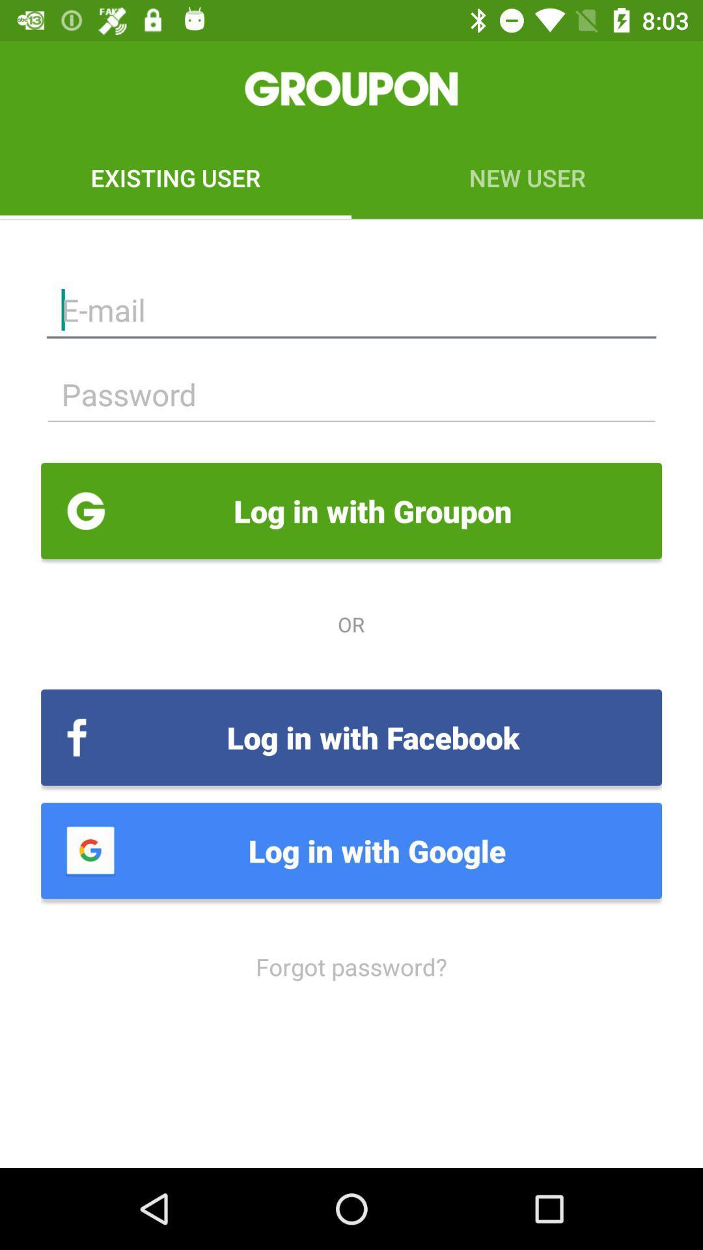 The width and height of the screenshot is (703, 1250). Describe the element at coordinates (176, 177) in the screenshot. I see `the app at the top left corner` at that location.